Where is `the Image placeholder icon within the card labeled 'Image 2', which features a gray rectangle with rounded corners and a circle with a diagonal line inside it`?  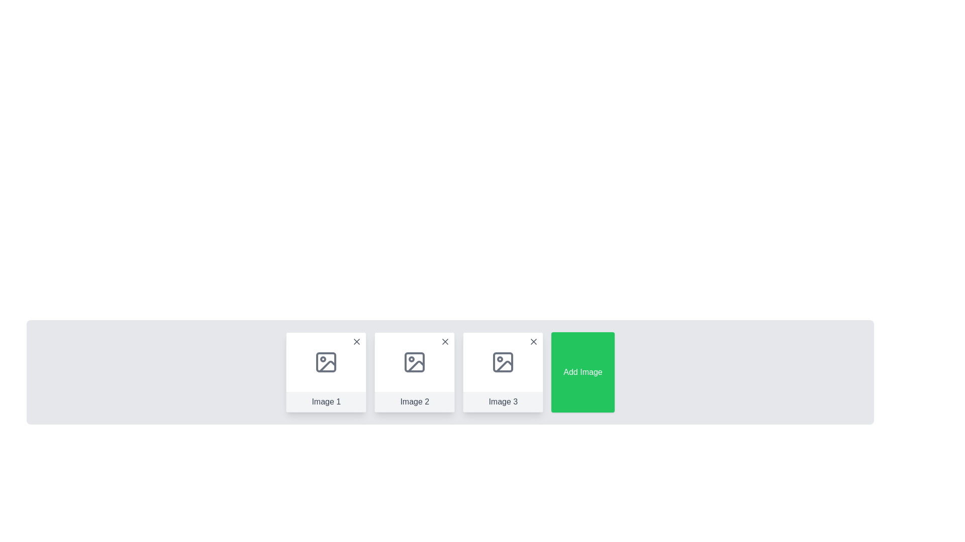 the Image placeholder icon within the card labeled 'Image 2', which features a gray rectangle with rounded corners and a circle with a diagonal line inside it is located at coordinates (415, 362).